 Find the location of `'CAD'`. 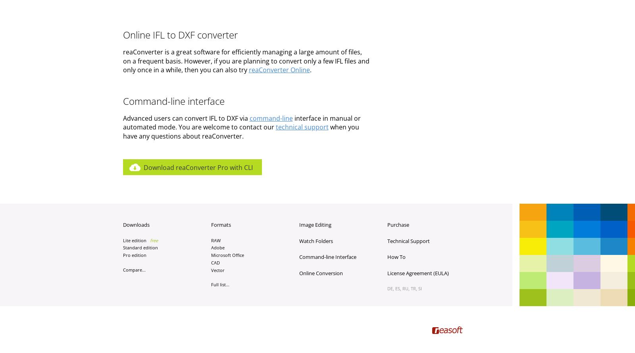

'CAD' is located at coordinates (210, 262).